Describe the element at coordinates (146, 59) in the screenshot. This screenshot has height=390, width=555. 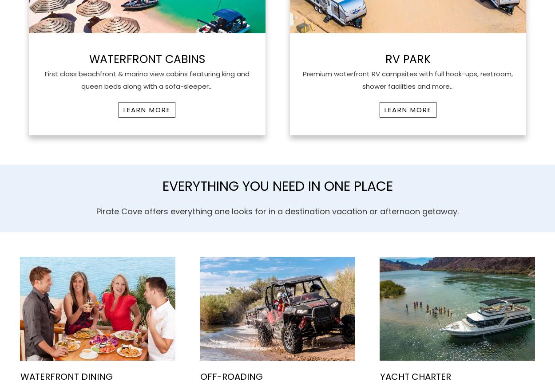
I see `'WaterFront Cabins'` at that location.